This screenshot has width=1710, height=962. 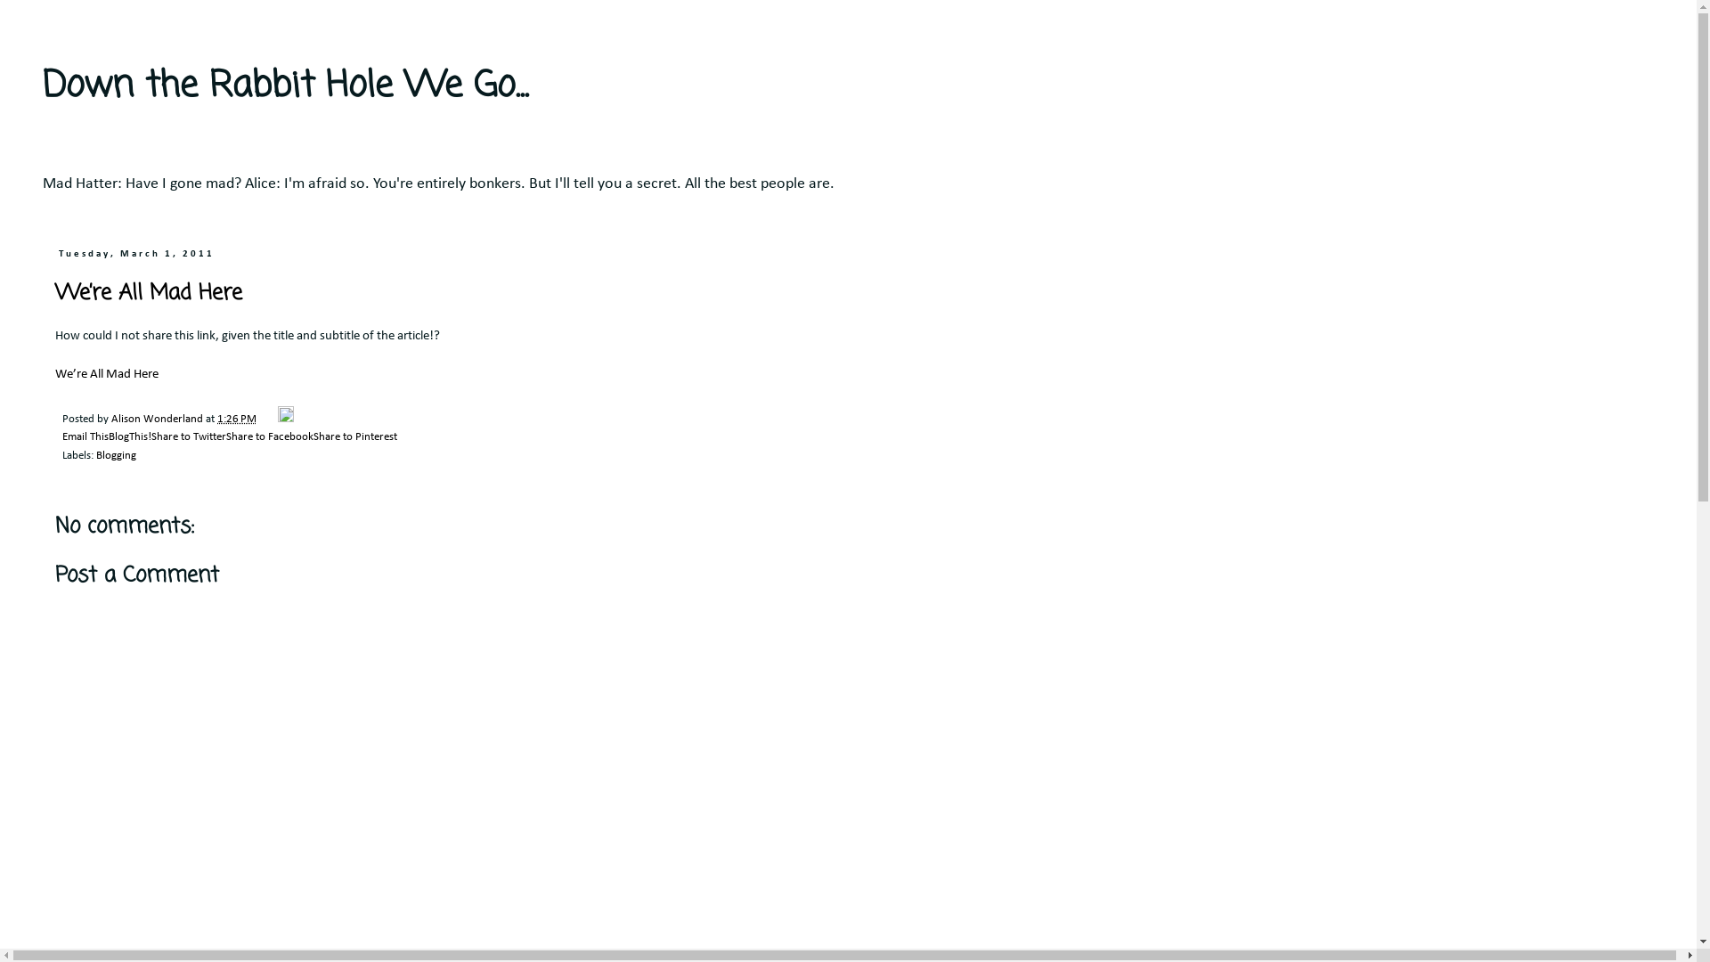 I want to click on 'Email This', so click(x=85, y=436).